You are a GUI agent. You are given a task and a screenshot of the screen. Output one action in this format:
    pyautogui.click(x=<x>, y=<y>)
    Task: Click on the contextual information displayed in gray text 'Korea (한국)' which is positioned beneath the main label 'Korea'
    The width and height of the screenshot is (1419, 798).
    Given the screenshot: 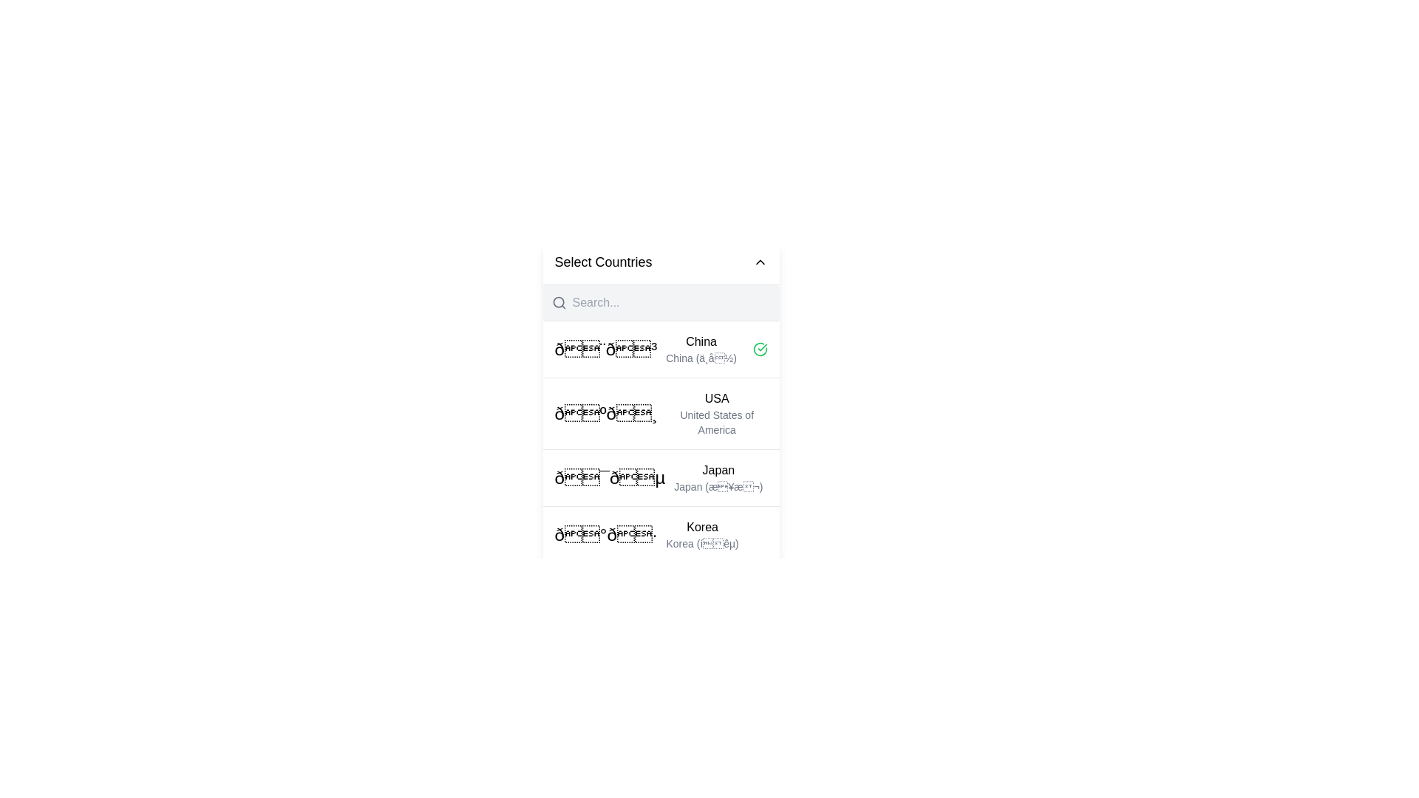 What is the action you would take?
    pyautogui.click(x=701, y=544)
    